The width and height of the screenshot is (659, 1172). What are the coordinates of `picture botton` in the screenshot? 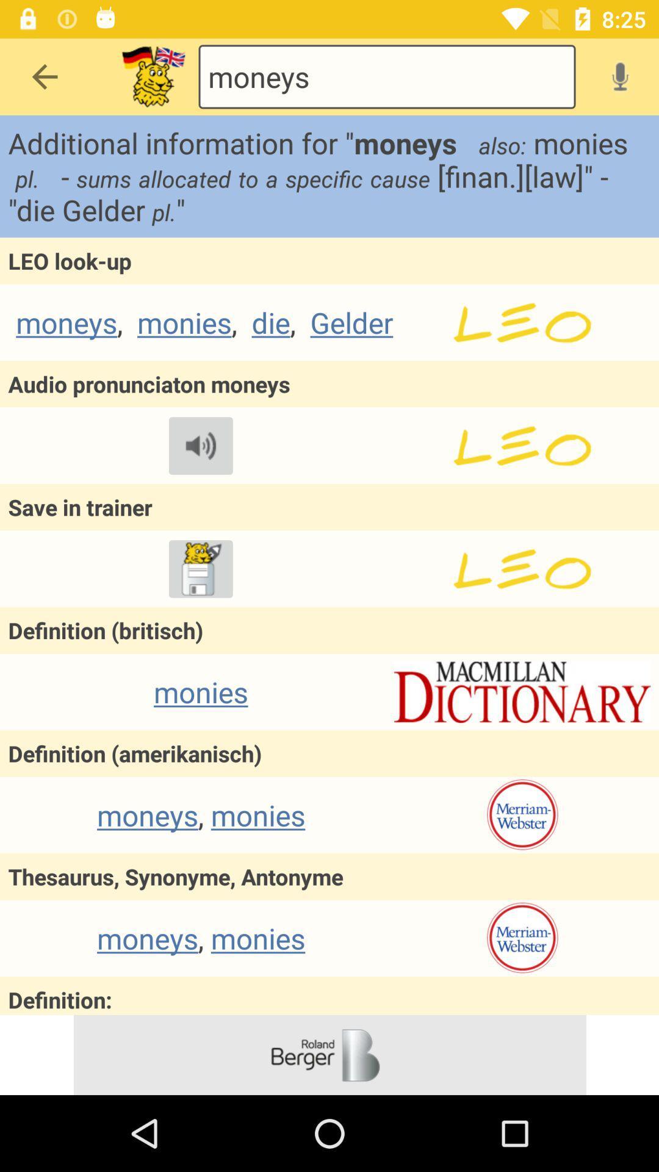 It's located at (153, 76).